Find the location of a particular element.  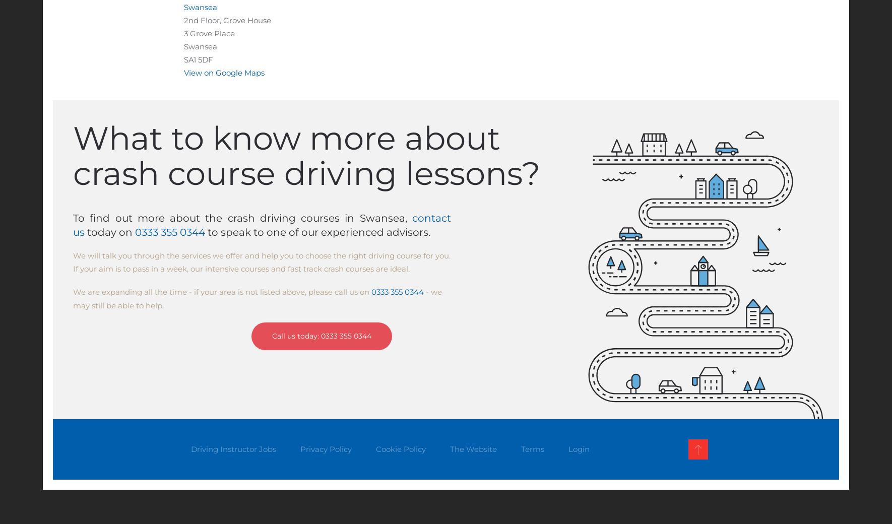

'We will talk you through the services we offer and help you to choose the right driving course for you. If your aim is to pass in a week, our intensive courses and fast track crash courses are ideal.' is located at coordinates (262, 262).